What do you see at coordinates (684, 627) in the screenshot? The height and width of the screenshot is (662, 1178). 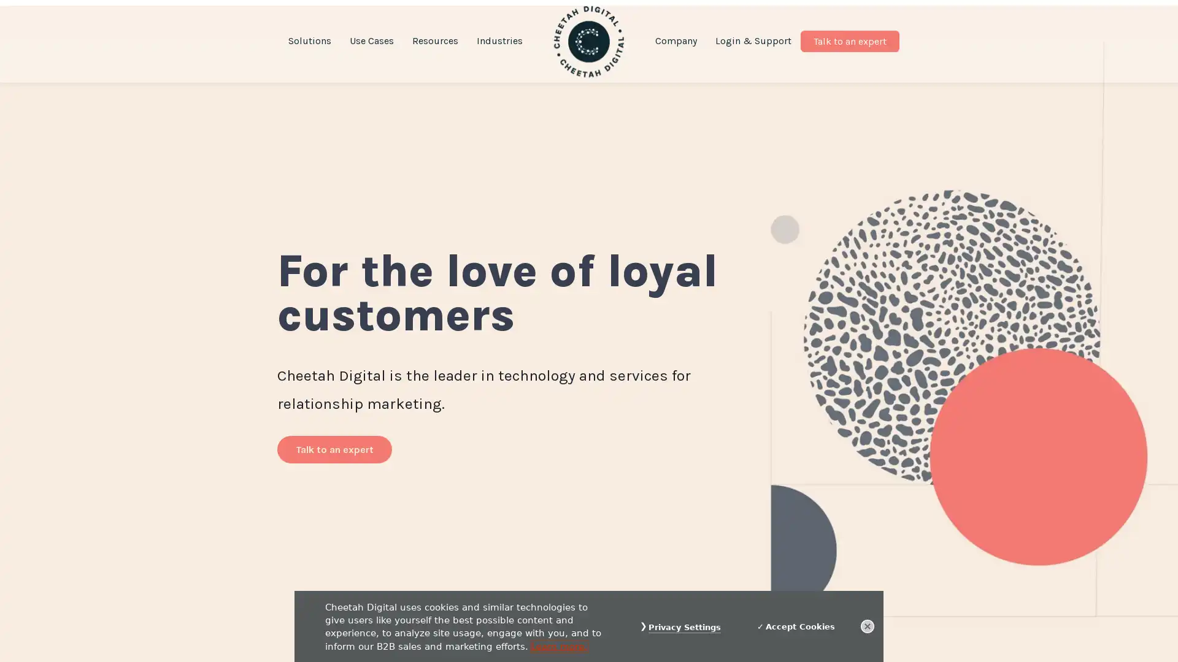 I see `Privacy Settings` at bounding box center [684, 627].